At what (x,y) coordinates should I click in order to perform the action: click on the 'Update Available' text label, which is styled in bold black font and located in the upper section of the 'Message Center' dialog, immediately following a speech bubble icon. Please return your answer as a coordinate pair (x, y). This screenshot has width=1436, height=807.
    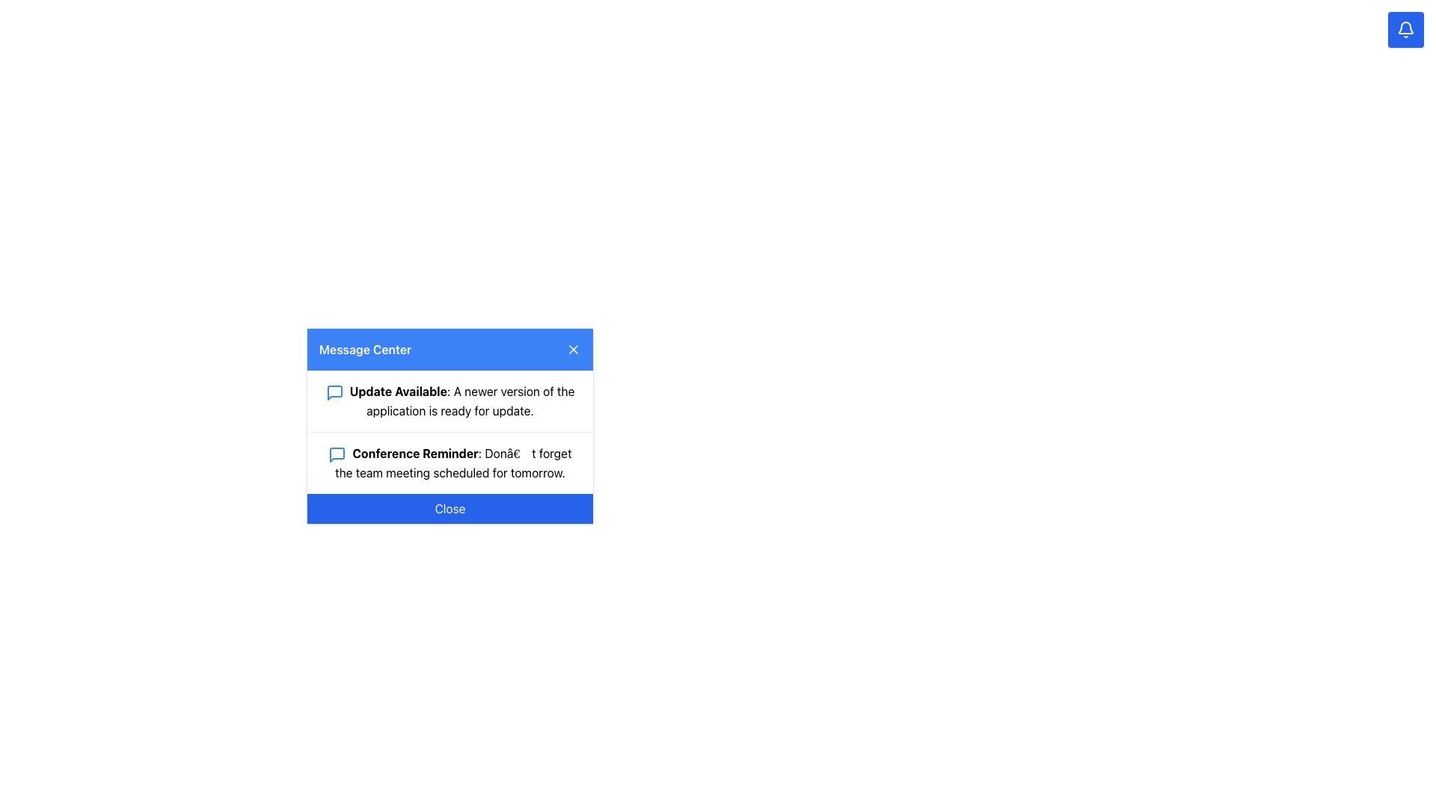
    Looking at the image, I should click on (398, 391).